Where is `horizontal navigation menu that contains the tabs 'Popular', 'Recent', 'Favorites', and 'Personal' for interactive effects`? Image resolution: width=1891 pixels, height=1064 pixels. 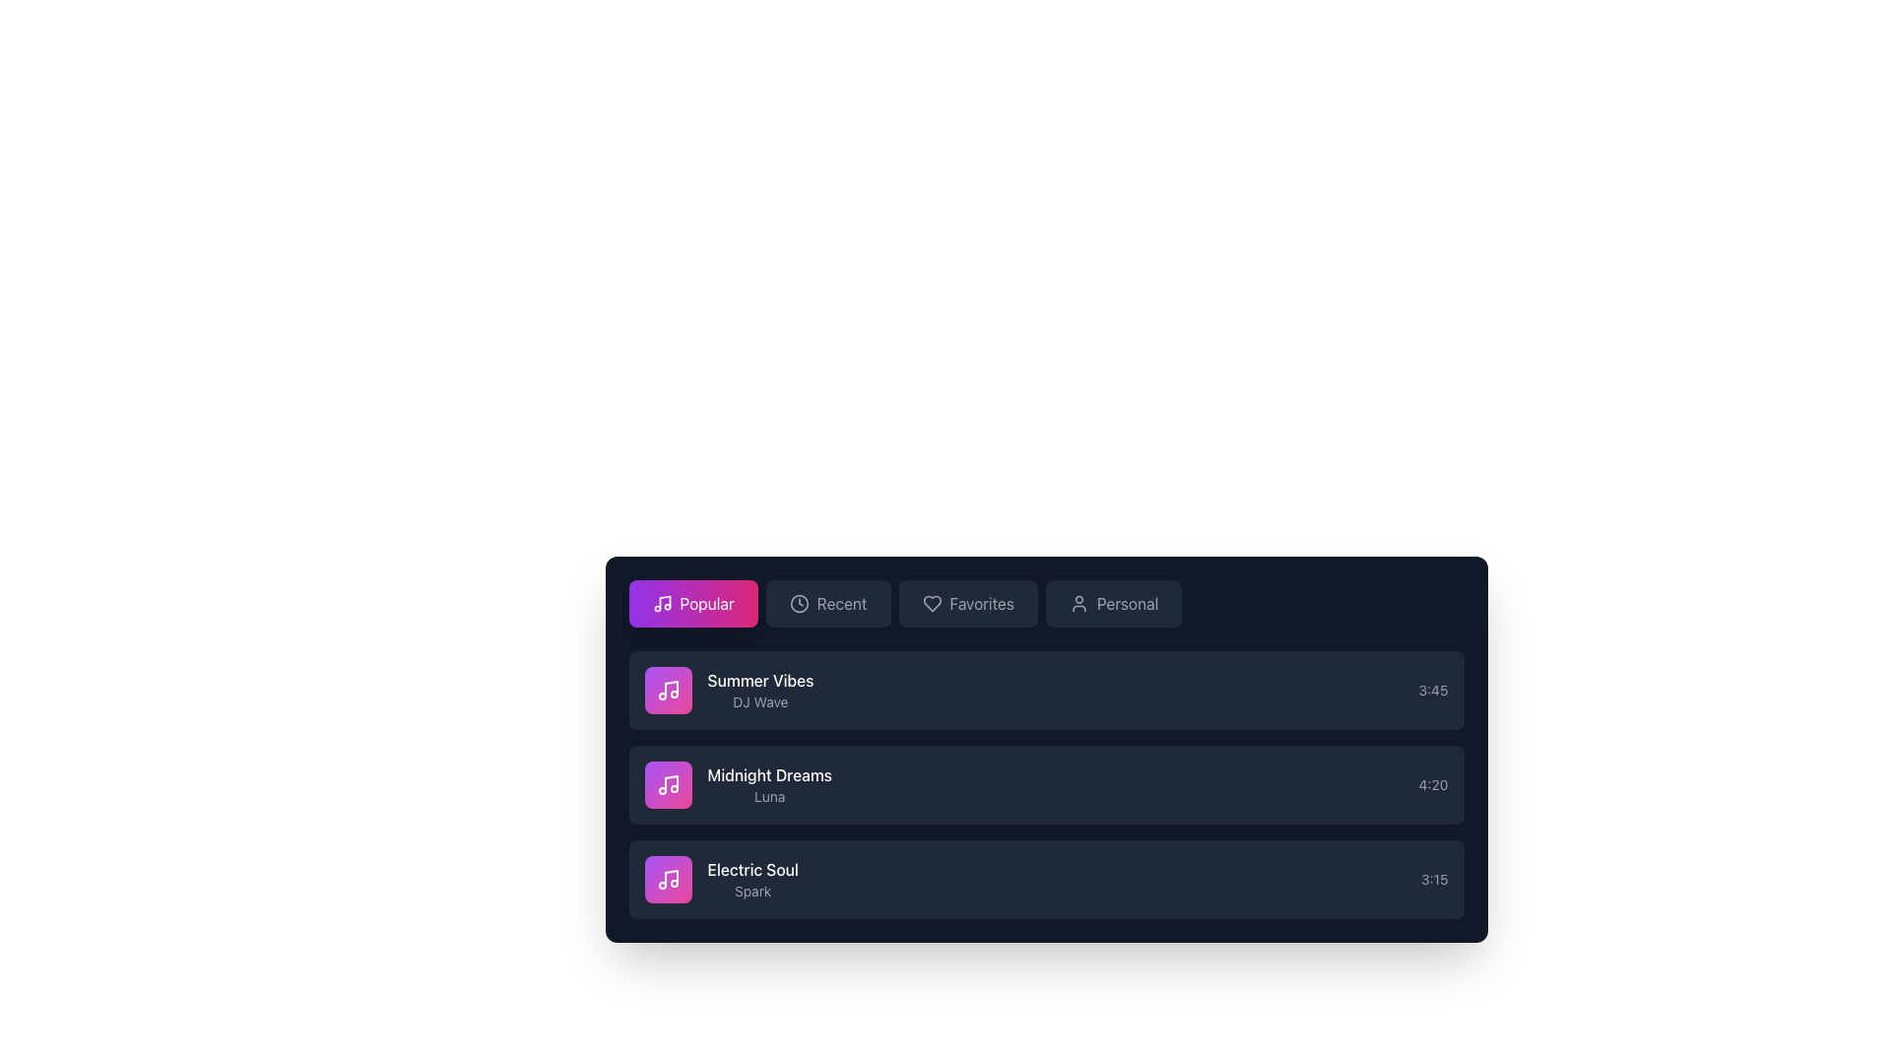 horizontal navigation menu that contains the tabs 'Popular', 'Recent', 'Favorites', and 'Personal' for interactive effects is located at coordinates (1045, 603).